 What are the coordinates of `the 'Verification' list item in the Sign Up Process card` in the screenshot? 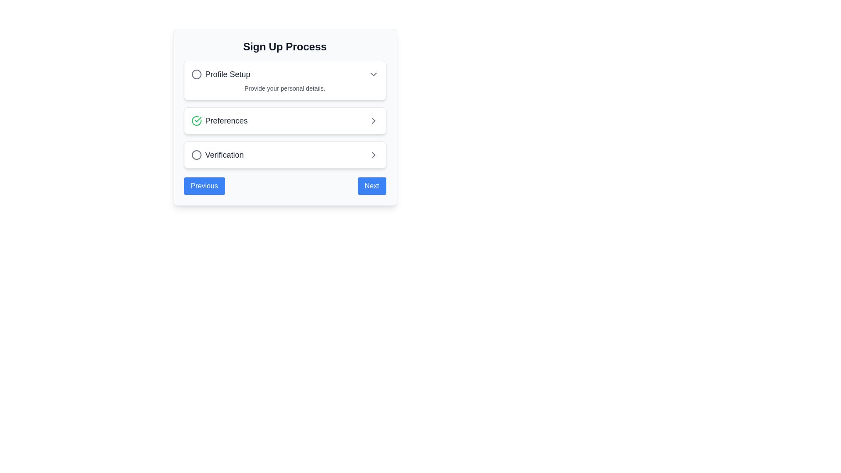 It's located at (217, 155).